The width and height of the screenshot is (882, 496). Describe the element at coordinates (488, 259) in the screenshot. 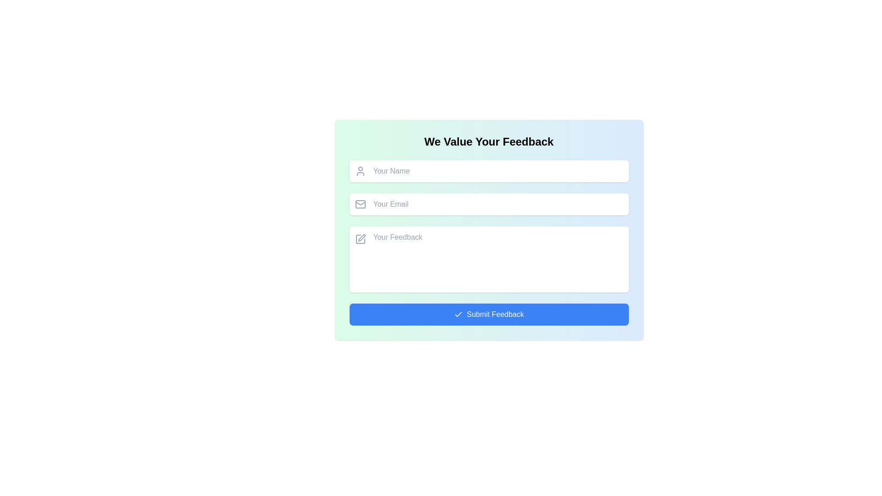

I see `the white input box for entering textual feedback, which has a placeholder 'Your Feedback' and is positioned below the 'Your Email' input box` at that location.